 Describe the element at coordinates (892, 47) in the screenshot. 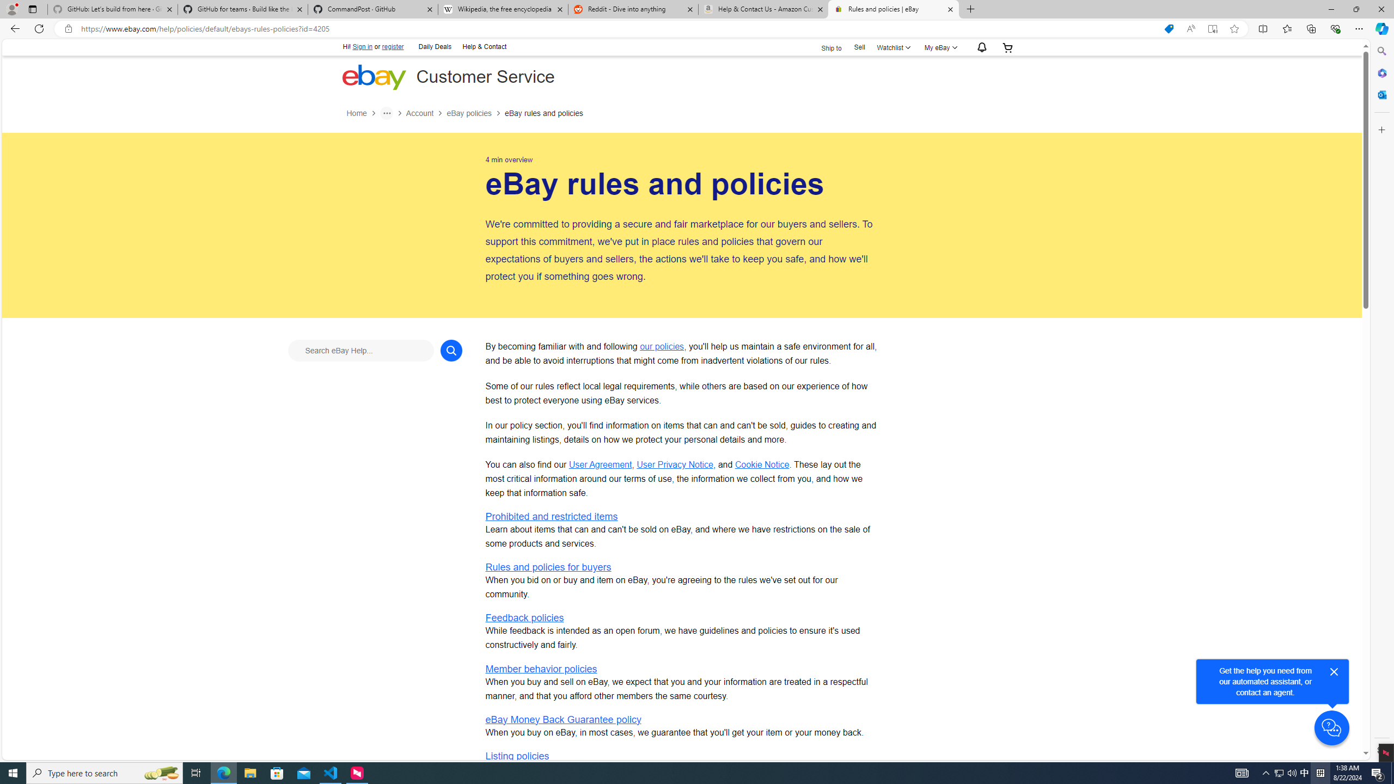

I see `'Watchlist'` at that location.